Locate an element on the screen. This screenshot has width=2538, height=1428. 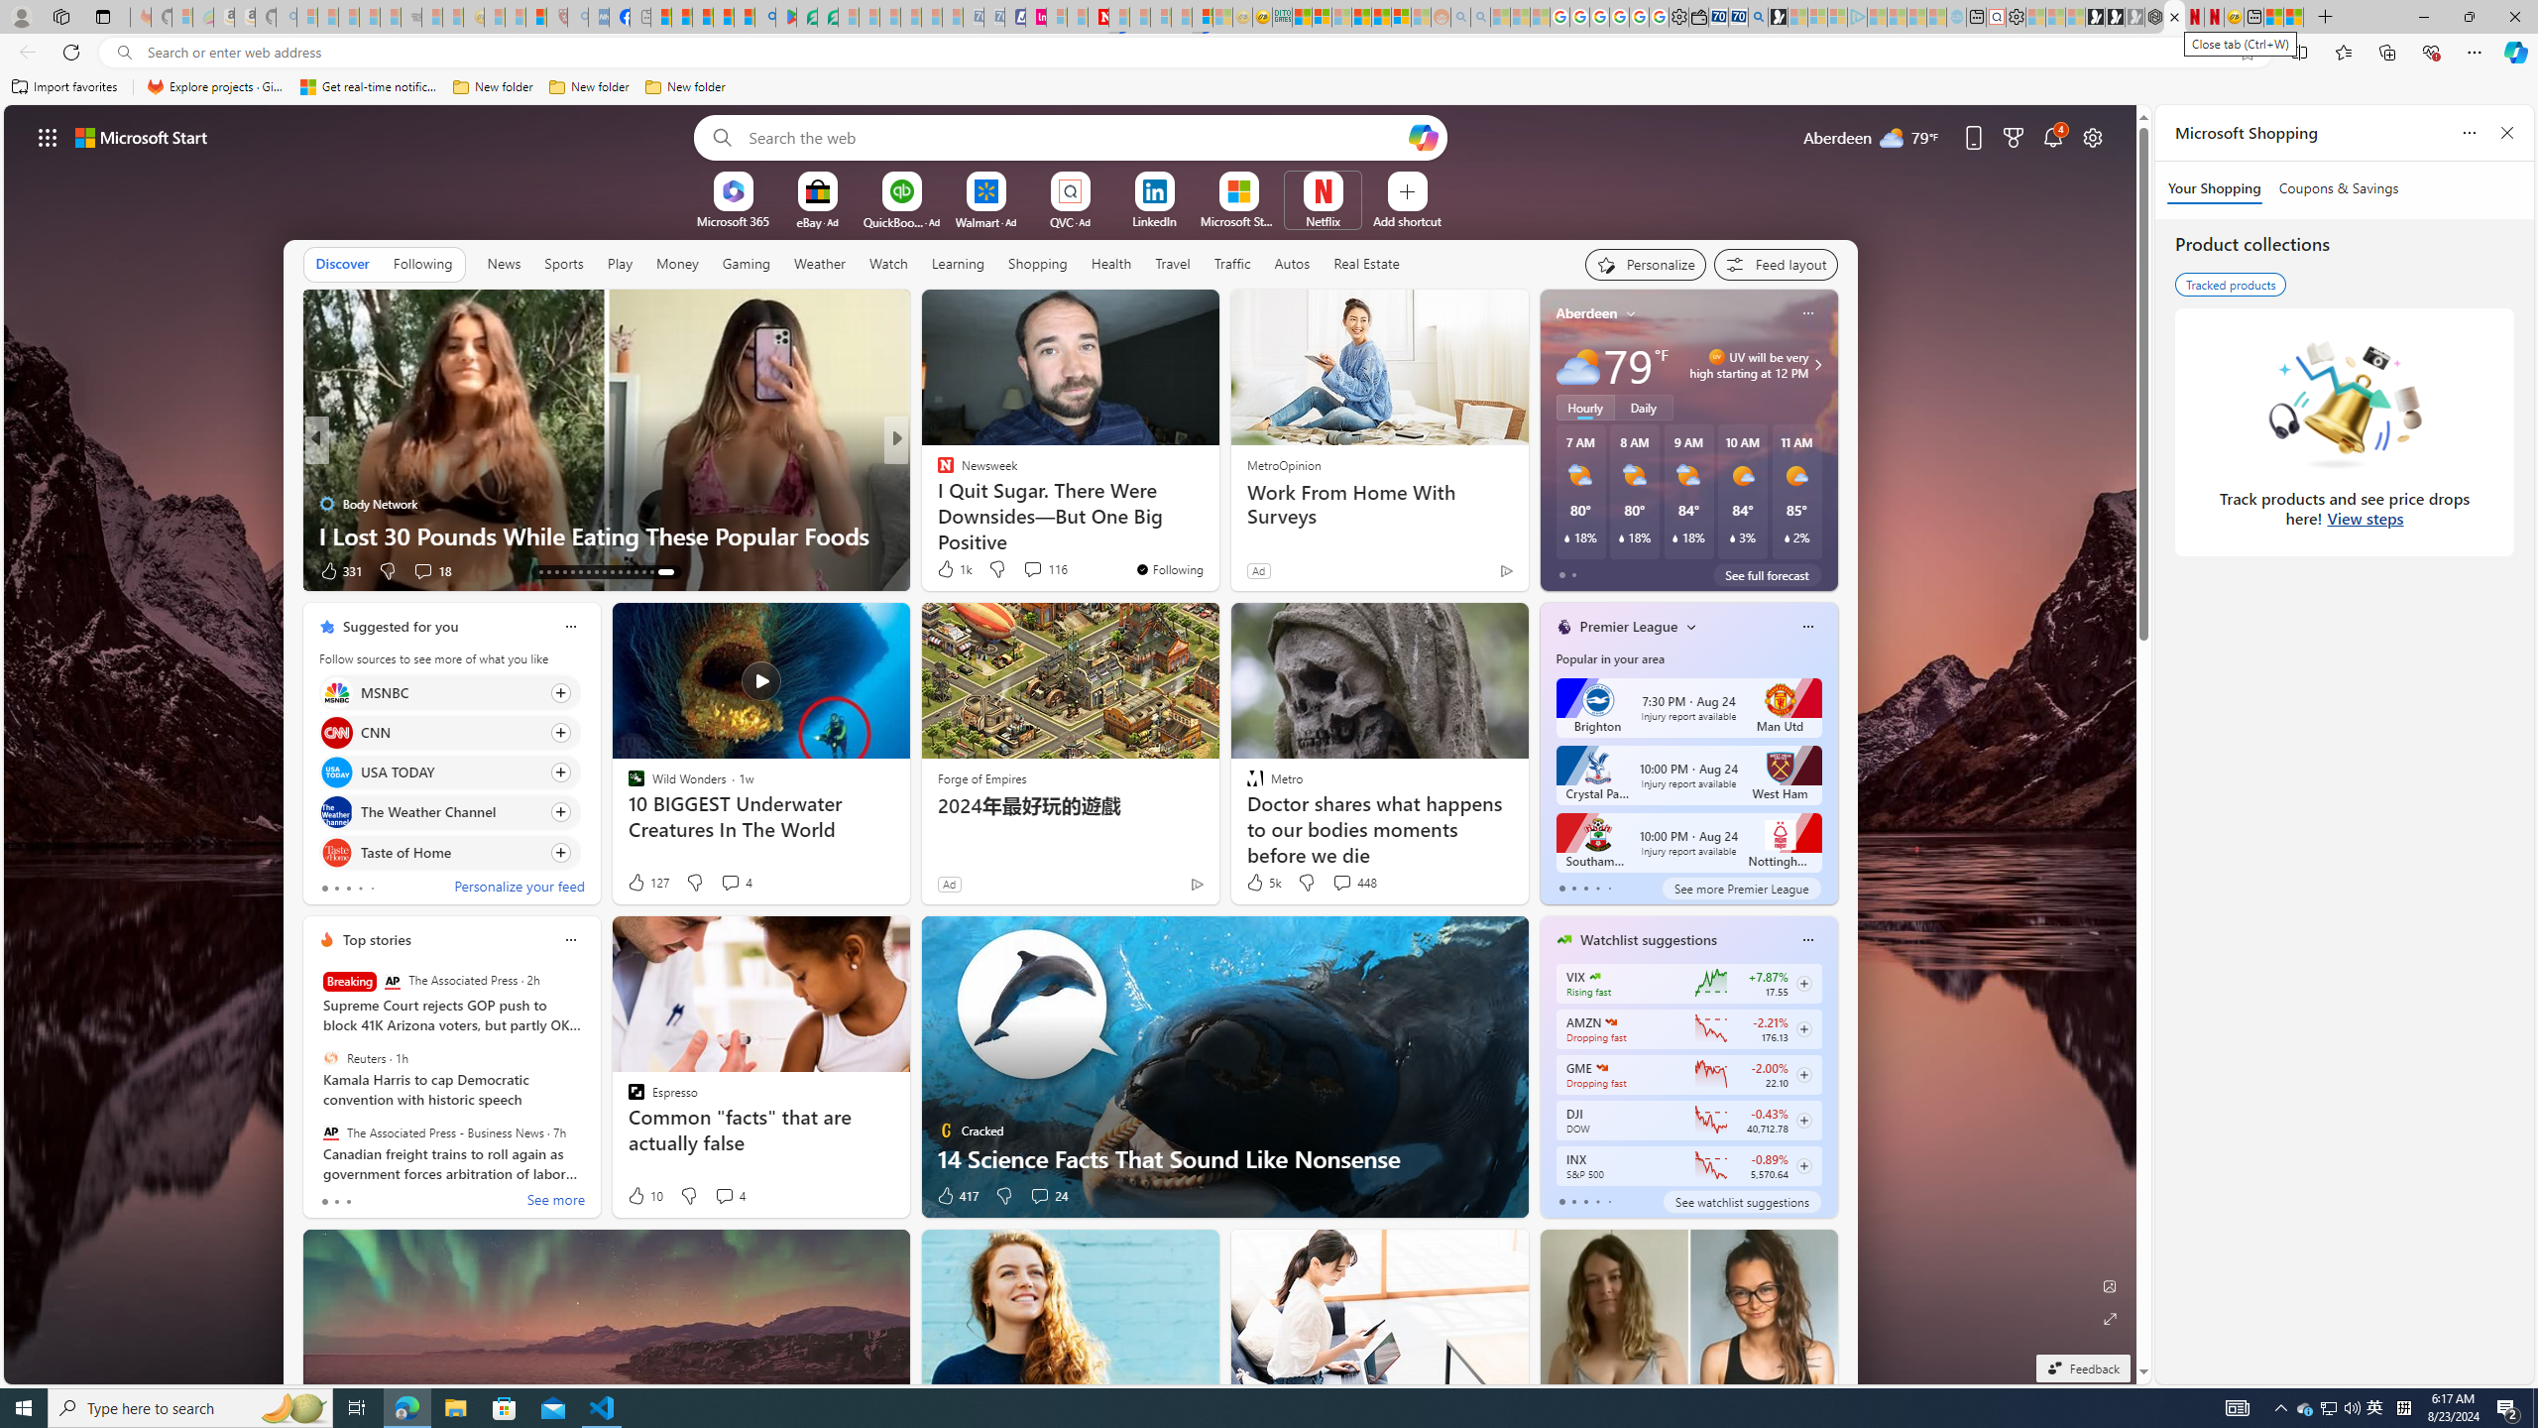
'The Associated Press - Business News' is located at coordinates (331, 1131).